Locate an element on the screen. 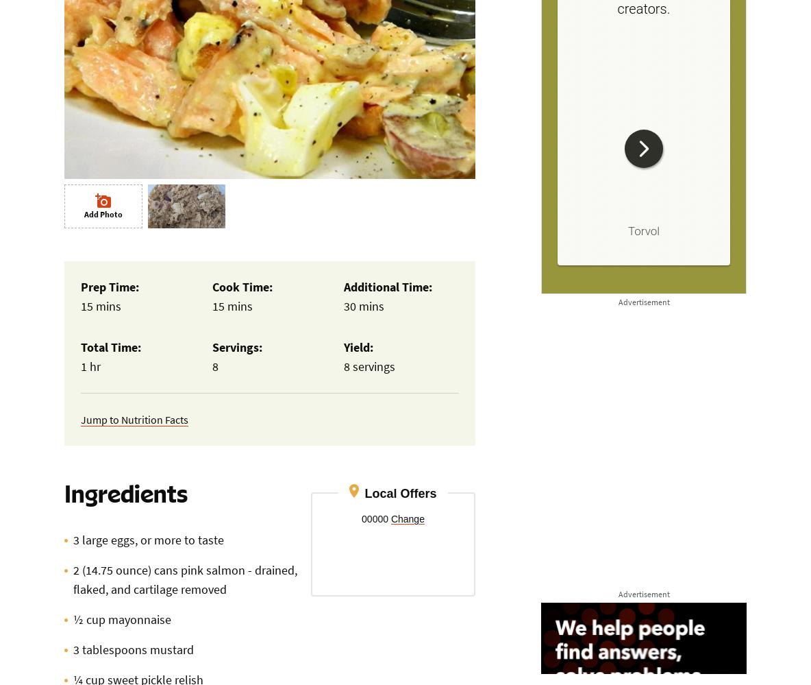 The height and width of the screenshot is (685, 811). 'mayonnaise' is located at coordinates (139, 619).